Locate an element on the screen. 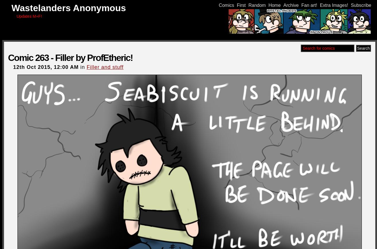 The image size is (377, 249). 'Extra Images!' is located at coordinates (319, 5).